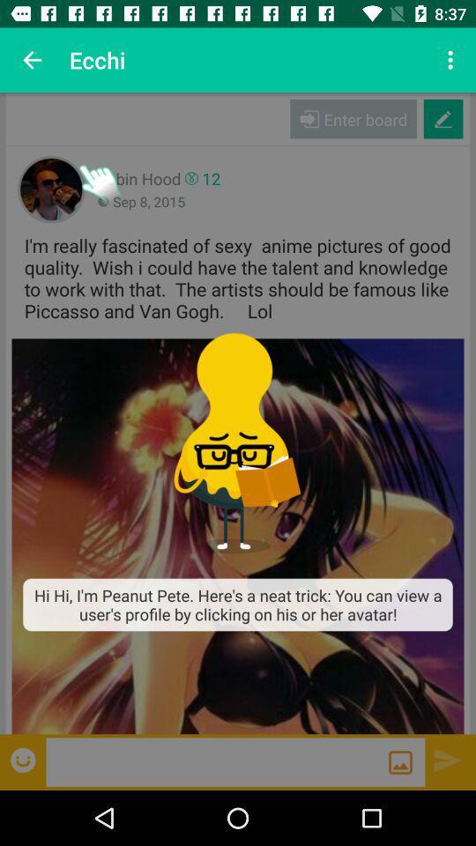 The height and width of the screenshot is (846, 476). Describe the element at coordinates (32, 60) in the screenshot. I see `item to the left of the ecchi  app` at that location.